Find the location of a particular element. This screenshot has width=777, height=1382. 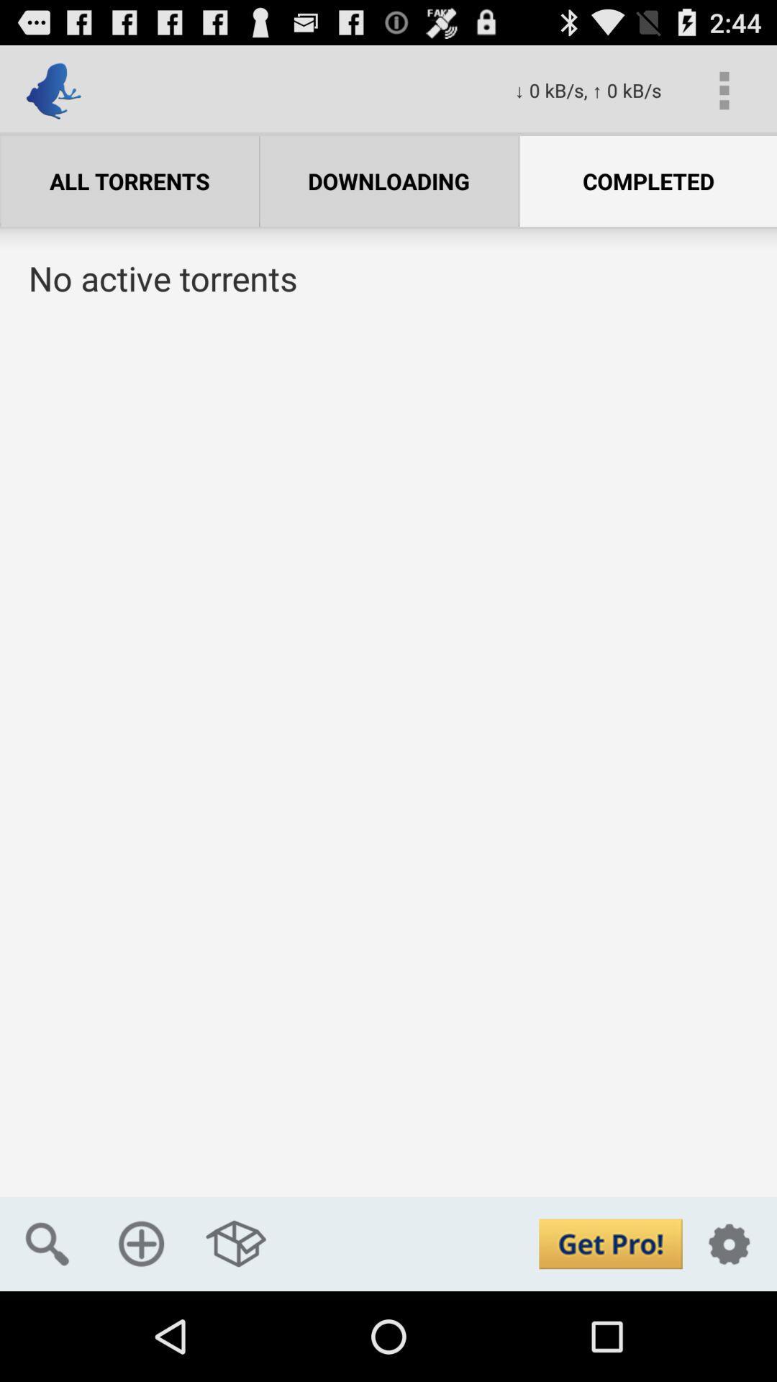

the app above the completed app is located at coordinates (724, 89).